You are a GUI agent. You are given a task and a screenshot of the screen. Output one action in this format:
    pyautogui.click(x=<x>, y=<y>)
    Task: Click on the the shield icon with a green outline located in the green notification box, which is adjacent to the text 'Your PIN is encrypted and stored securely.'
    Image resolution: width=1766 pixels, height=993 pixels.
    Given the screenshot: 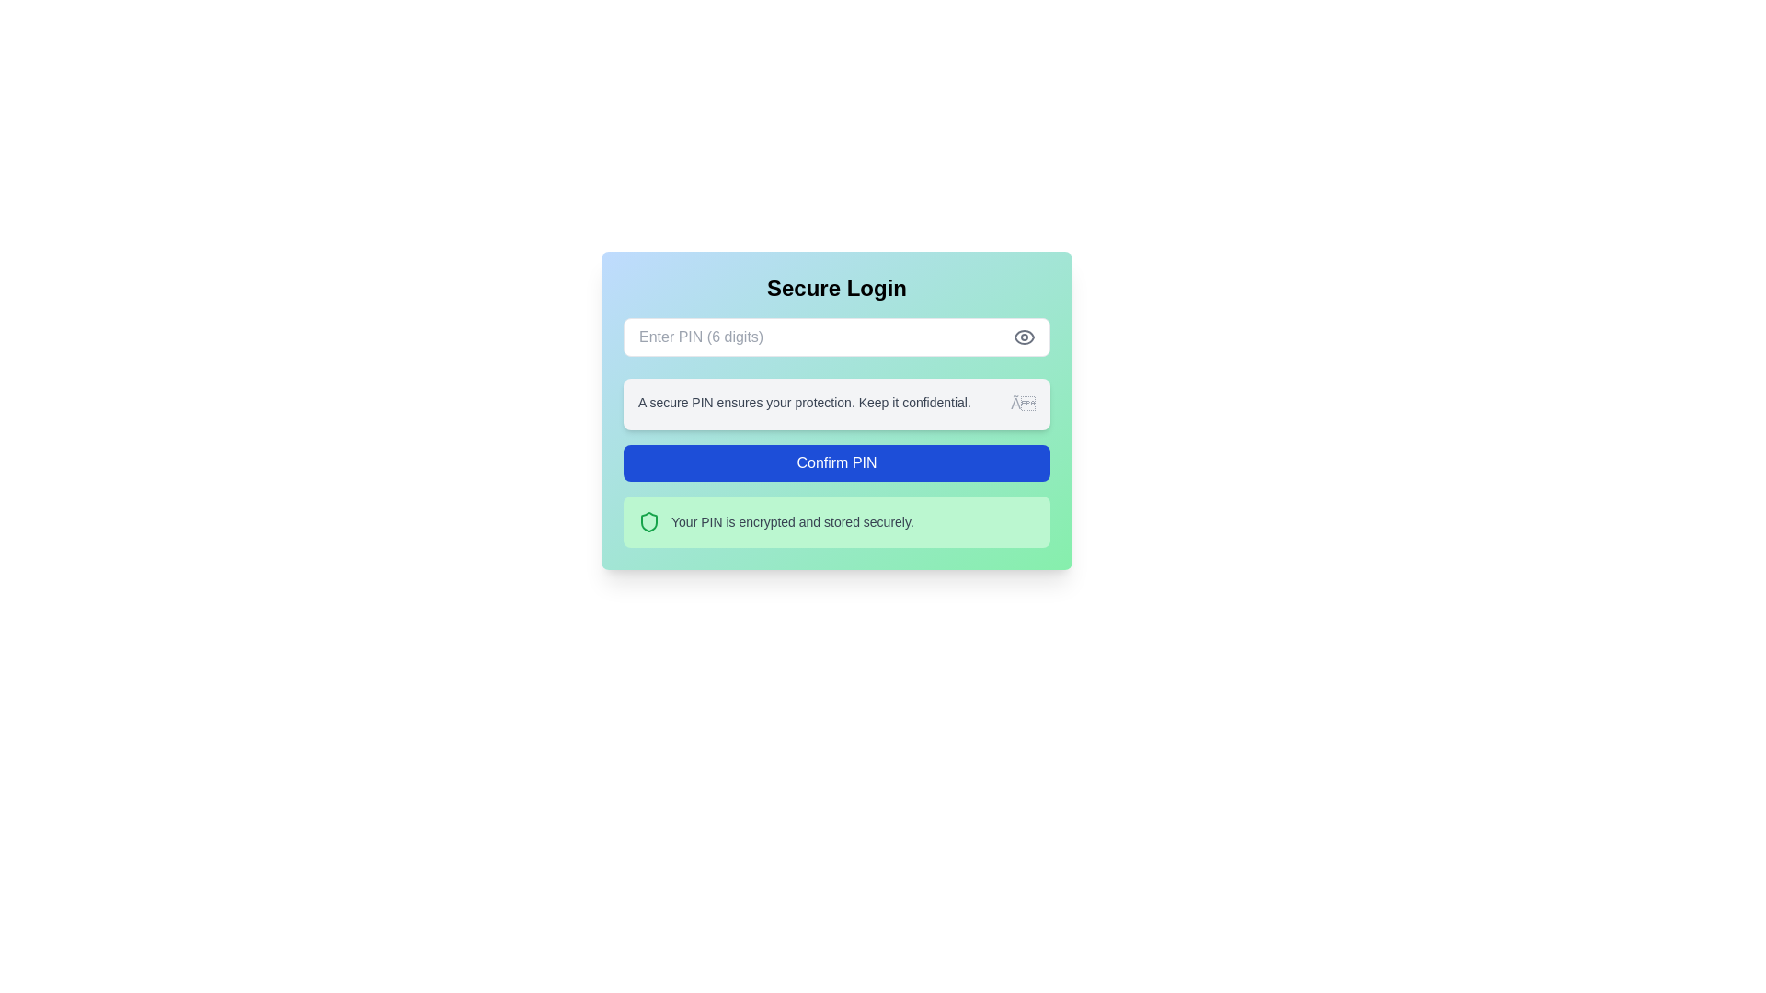 What is the action you would take?
    pyautogui.click(x=648, y=521)
    